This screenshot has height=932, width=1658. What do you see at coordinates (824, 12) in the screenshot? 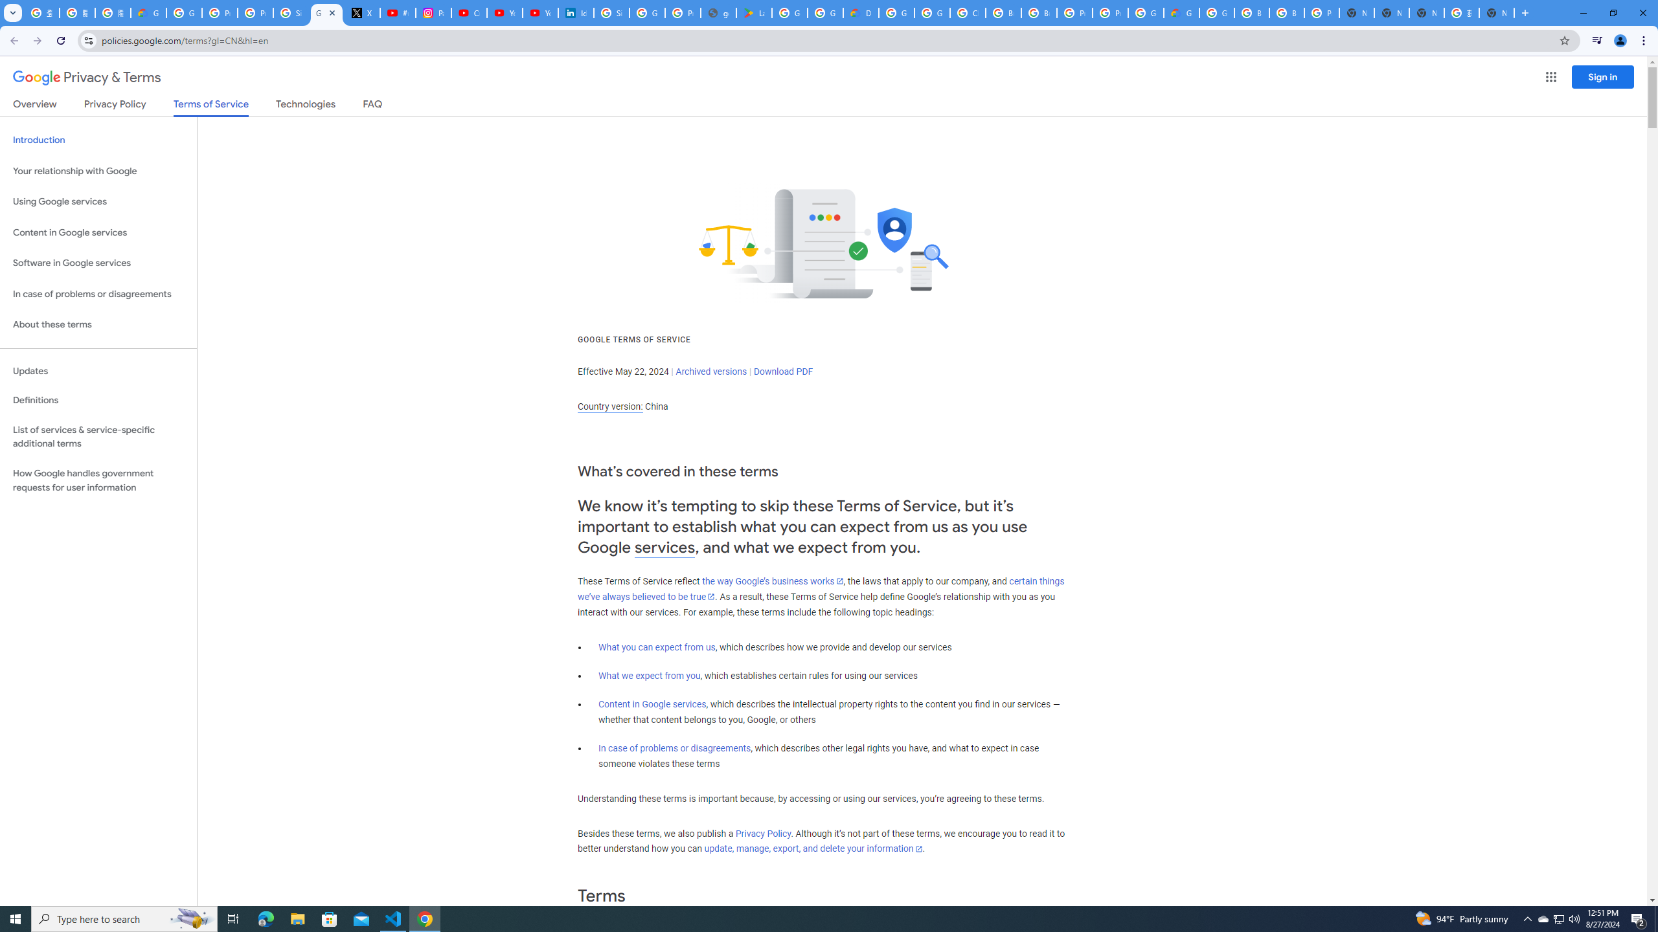
I see `'Google Workspace - Specific Terms'` at bounding box center [824, 12].